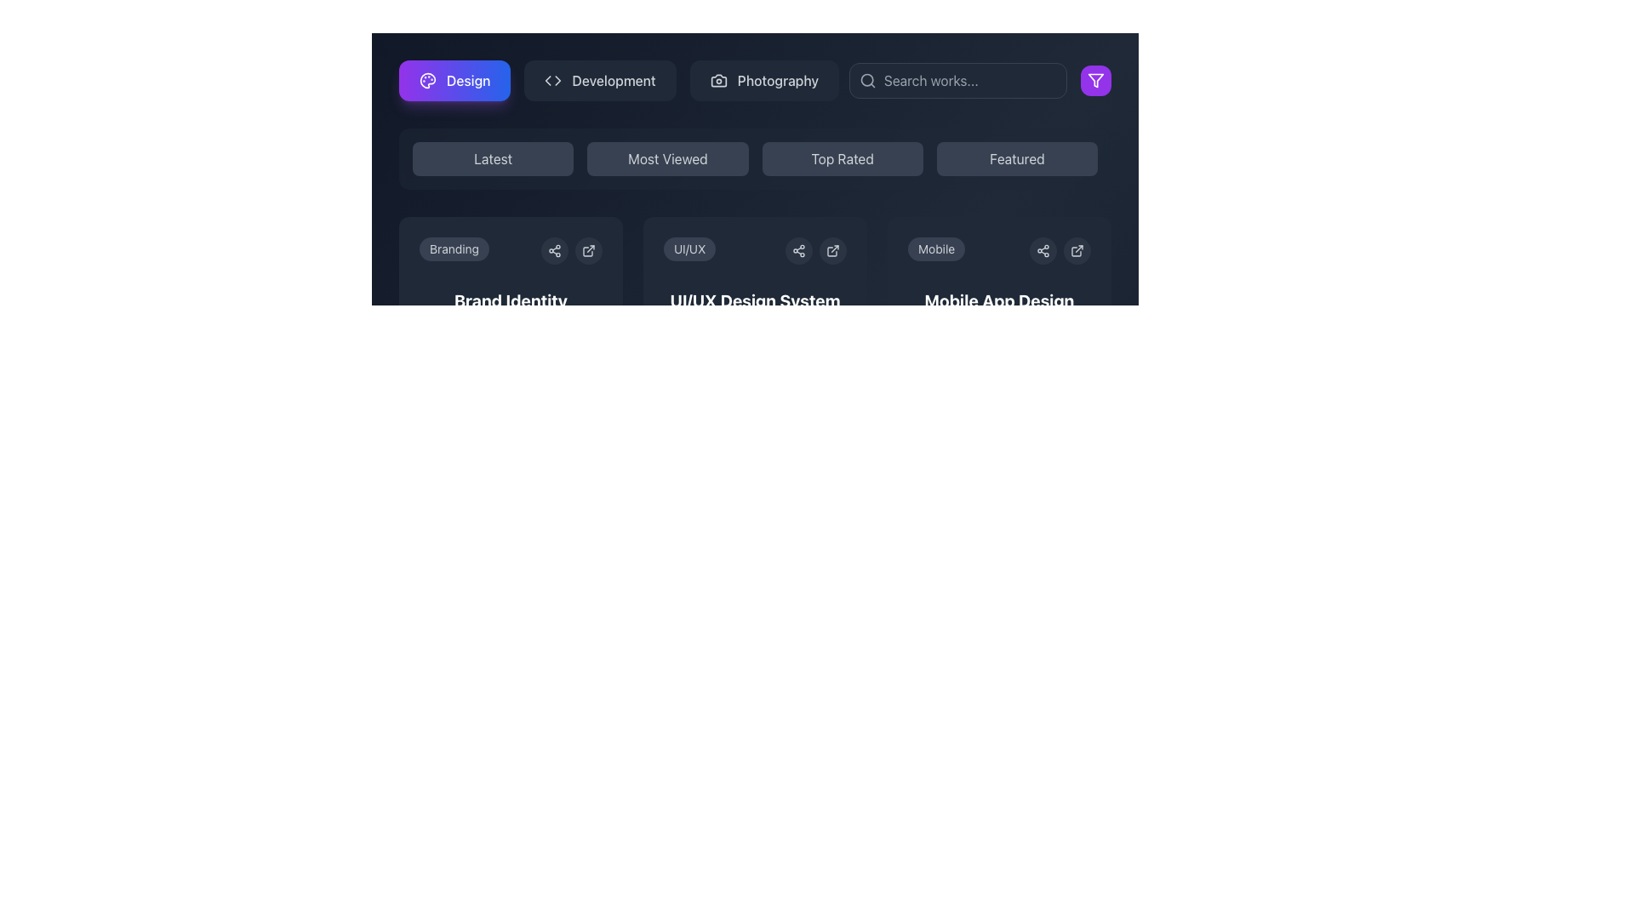  I want to click on the button labeled 'photography', which has a dark gray background and a camera icon on the left, so click(763, 81).